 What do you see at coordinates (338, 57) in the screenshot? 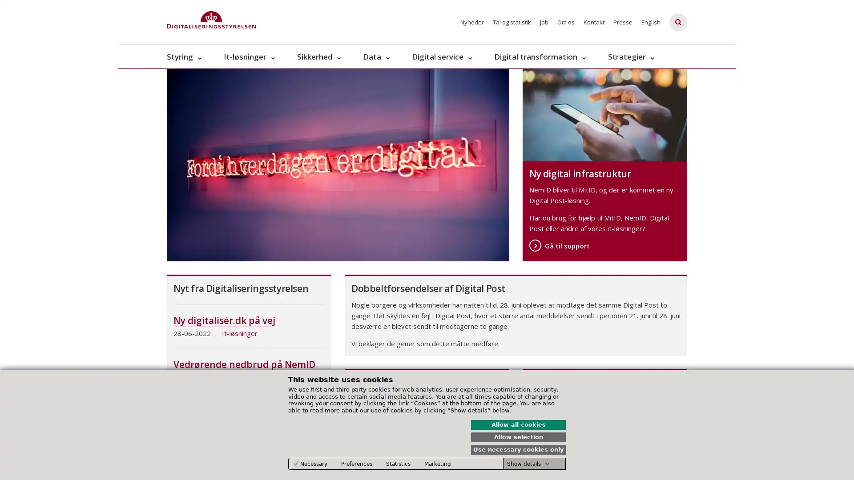
I see `Sikkerhed - flere links` at bounding box center [338, 57].